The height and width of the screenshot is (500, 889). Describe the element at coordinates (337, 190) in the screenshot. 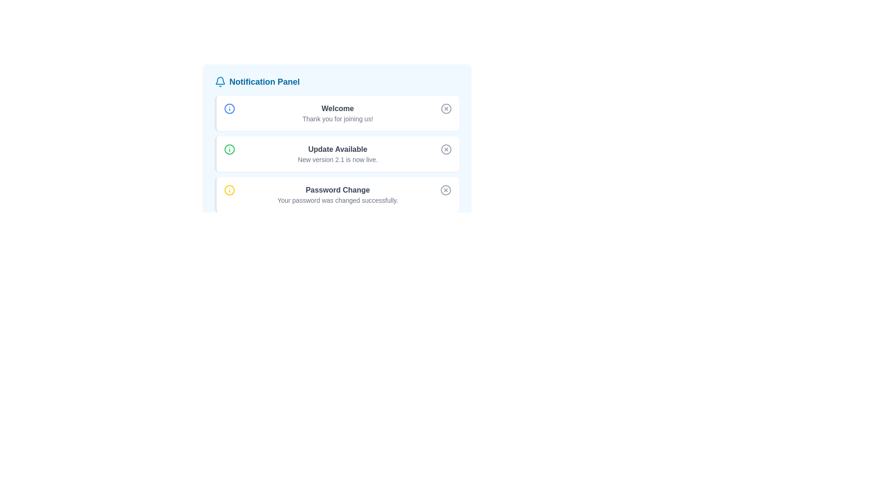

I see `the 'Password Change' text label displayed in bold dark gray within the 'Notification Panel' interface, located above the text 'Your password was changed successfully.'` at that location.